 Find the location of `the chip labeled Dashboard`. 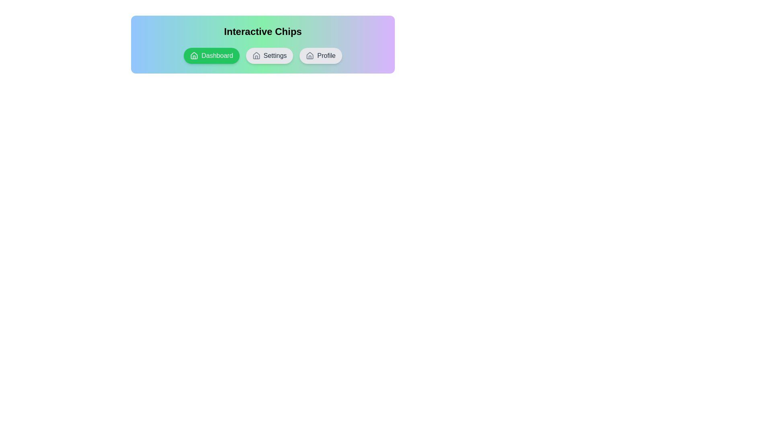

the chip labeled Dashboard is located at coordinates (211, 55).